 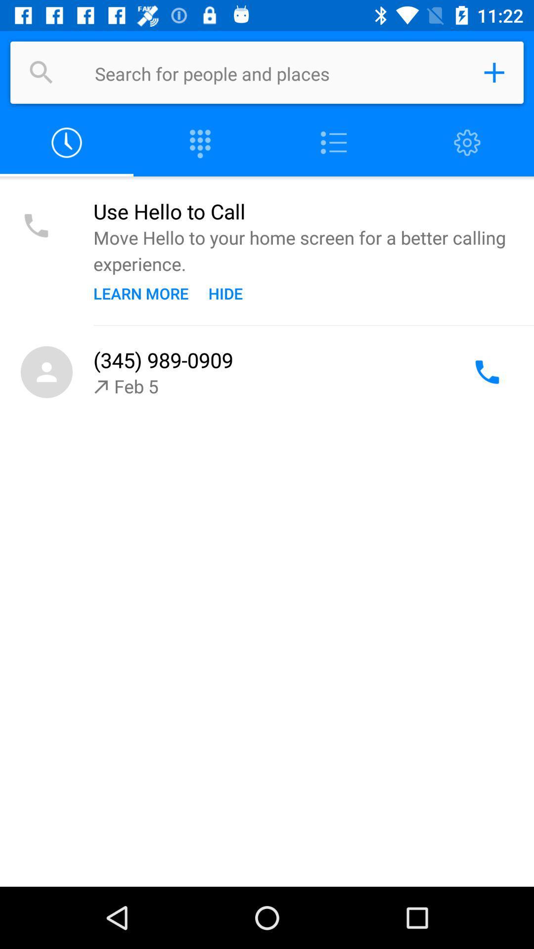 What do you see at coordinates (279, 72) in the screenshot?
I see `search bar` at bounding box center [279, 72].